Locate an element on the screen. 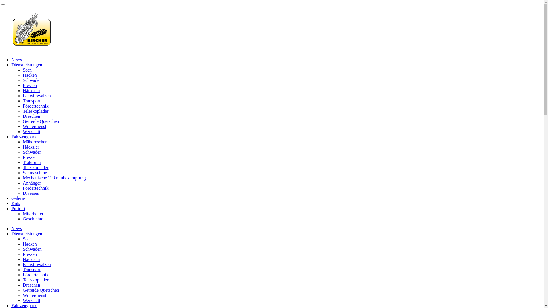 This screenshot has width=548, height=308. 'Portrait' is located at coordinates (18, 208).